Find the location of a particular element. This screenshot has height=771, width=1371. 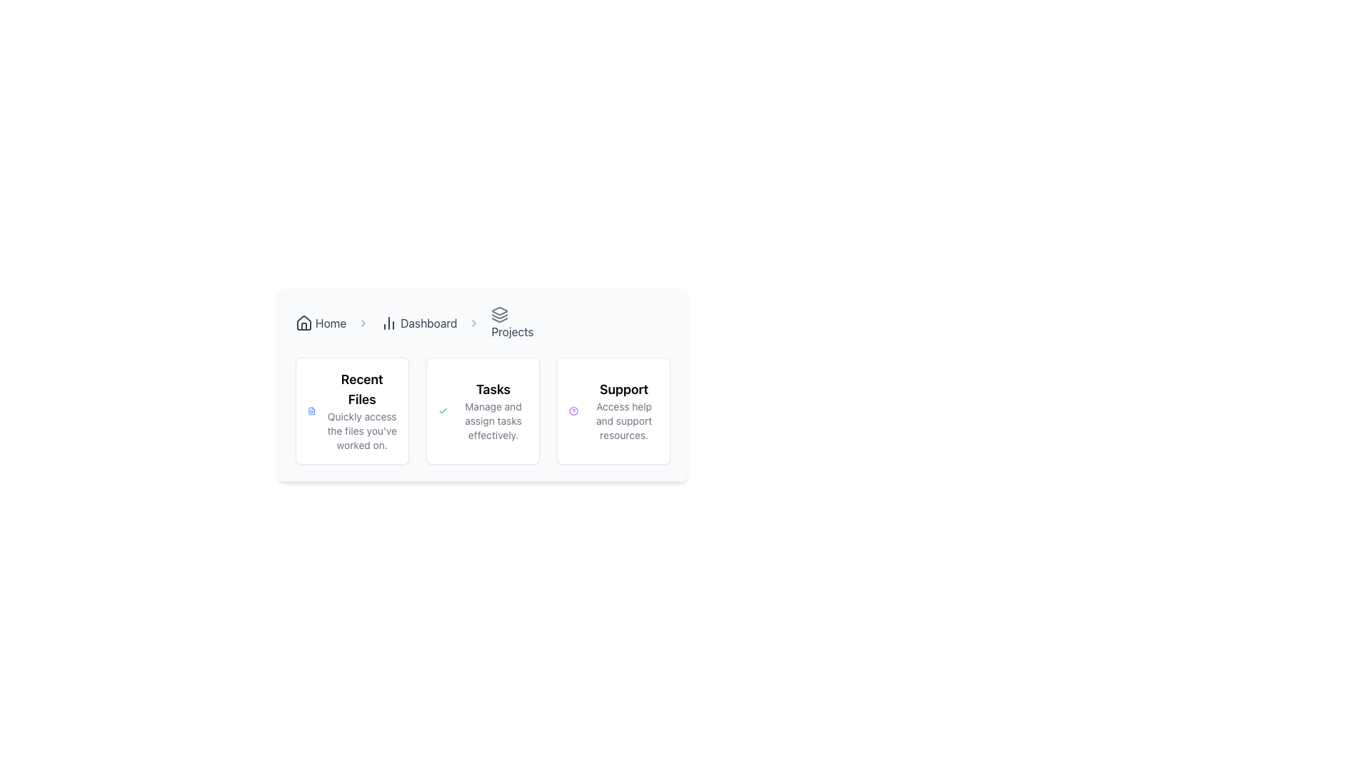

title and subtitle of the Informative Card located in the leftmost column of the grid layout, positioned below the breadcrumb navigation is located at coordinates (352, 410).